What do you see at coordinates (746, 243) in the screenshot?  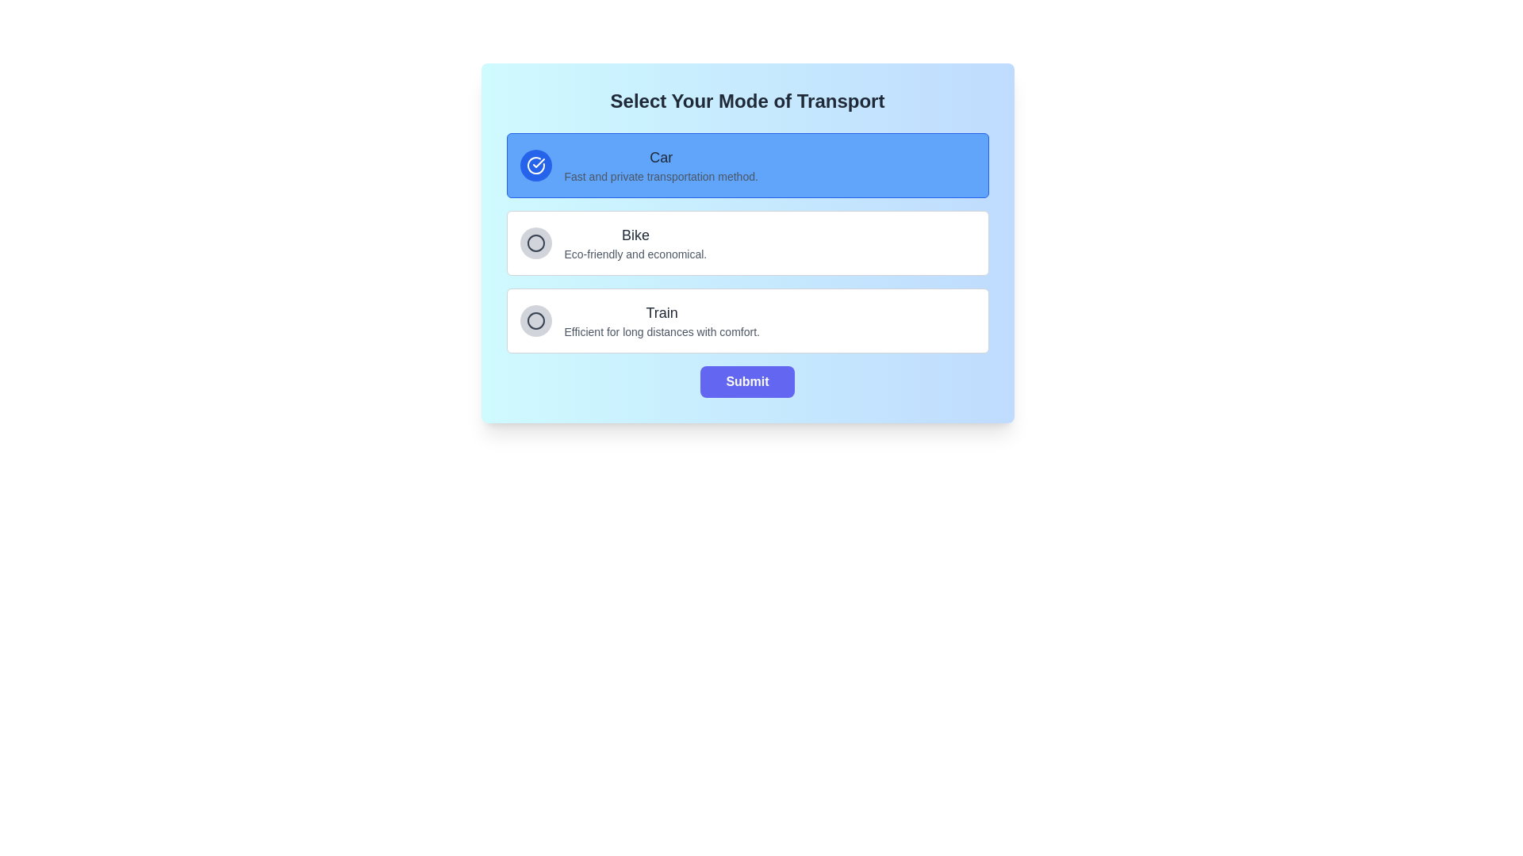 I see `the radio button group labeled 'Select Your Mode of Transport'` at bounding box center [746, 243].